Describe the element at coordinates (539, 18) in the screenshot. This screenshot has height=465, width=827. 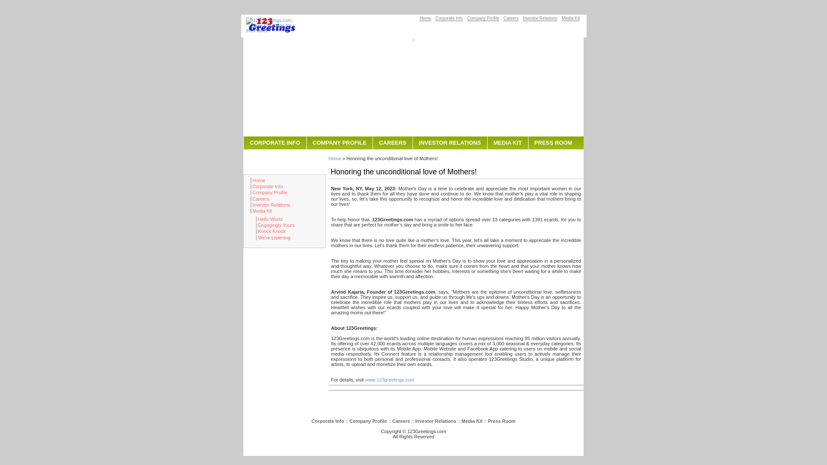
I see `'Investor Relations'` at that location.